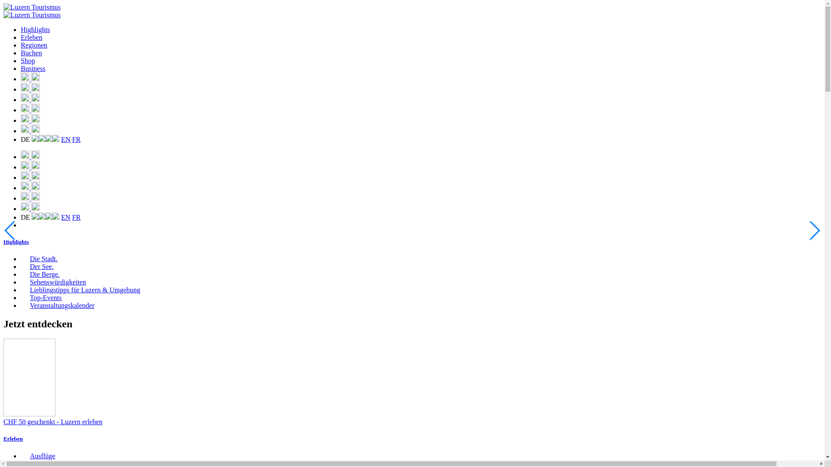 This screenshot has height=467, width=831. What do you see at coordinates (72, 139) in the screenshot?
I see `'FR'` at bounding box center [72, 139].